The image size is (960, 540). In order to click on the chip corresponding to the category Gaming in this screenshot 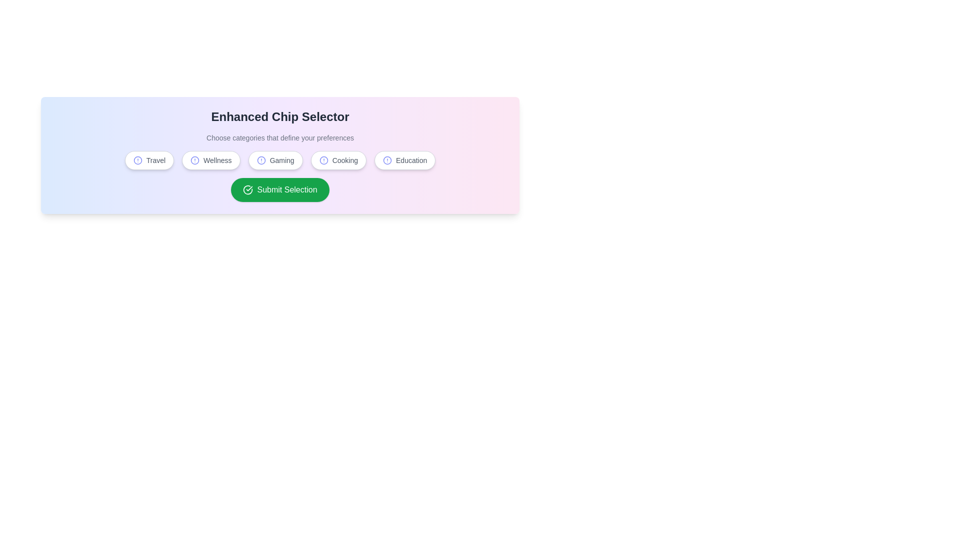, I will do `click(275, 159)`.